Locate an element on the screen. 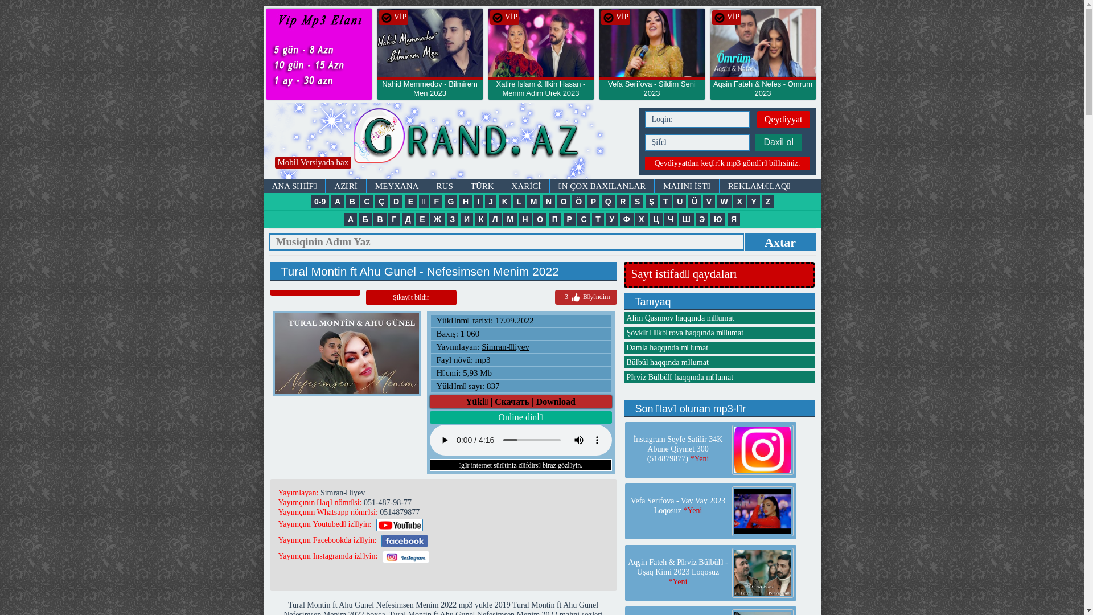 Image resolution: width=1093 pixels, height=615 pixels. 'D' is located at coordinates (396, 201).